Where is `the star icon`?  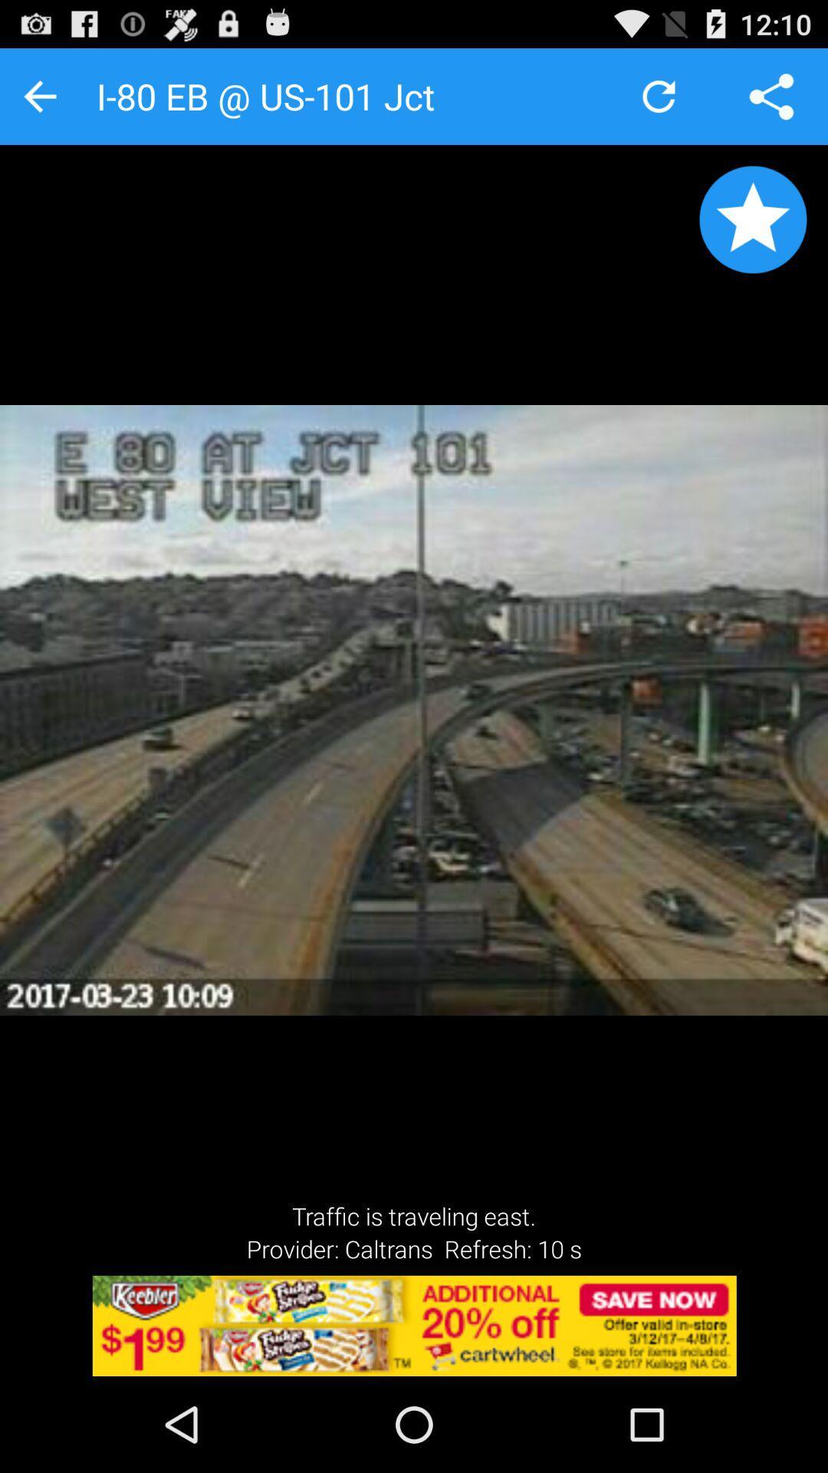 the star icon is located at coordinates (752, 234).